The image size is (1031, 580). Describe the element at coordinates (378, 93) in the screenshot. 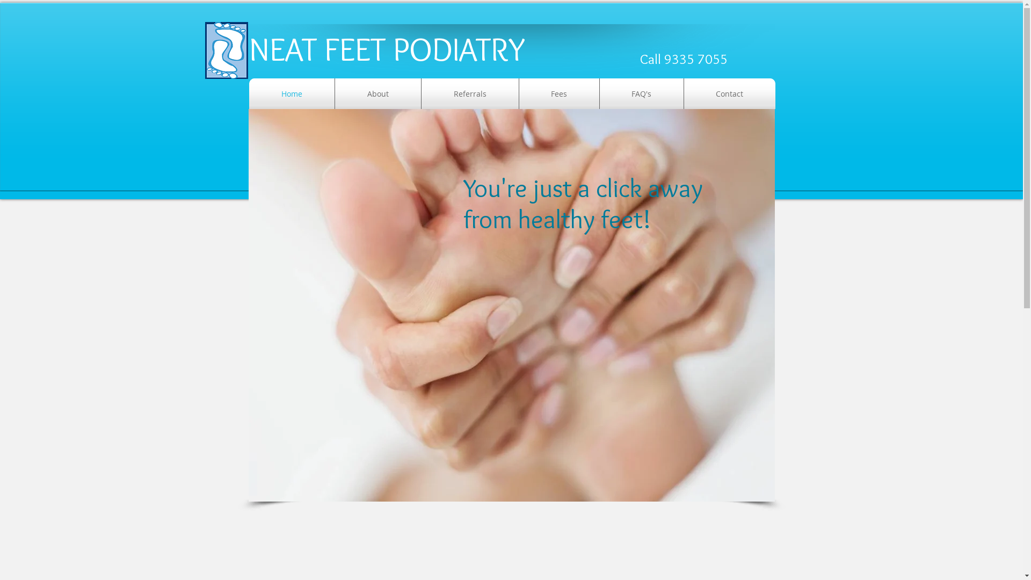

I see `'About'` at that location.